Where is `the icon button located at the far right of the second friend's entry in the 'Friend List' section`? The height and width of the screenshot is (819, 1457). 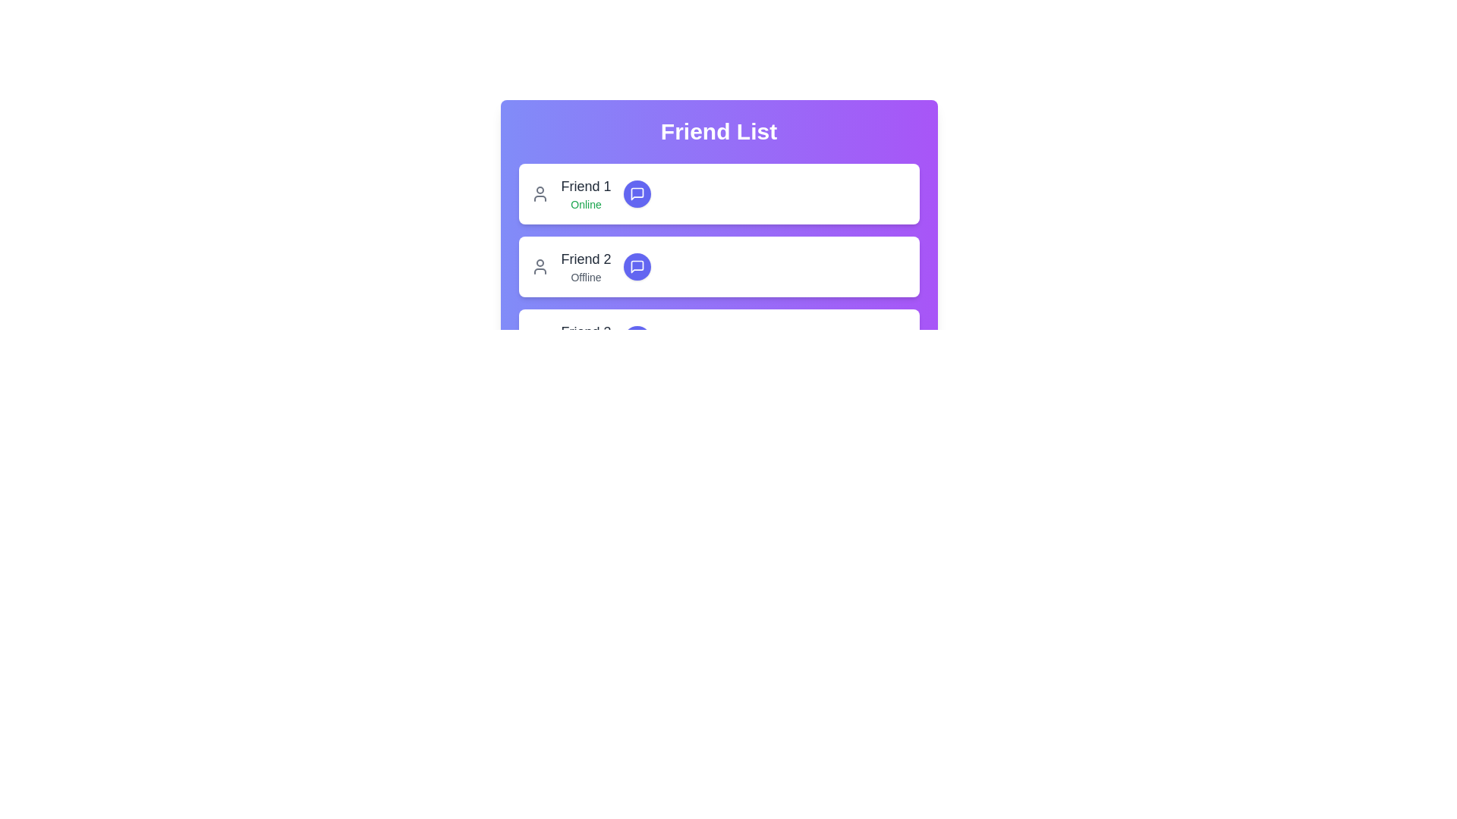 the icon button located at the far right of the second friend's entry in the 'Friend List' section is located at coordinates (637, 265).